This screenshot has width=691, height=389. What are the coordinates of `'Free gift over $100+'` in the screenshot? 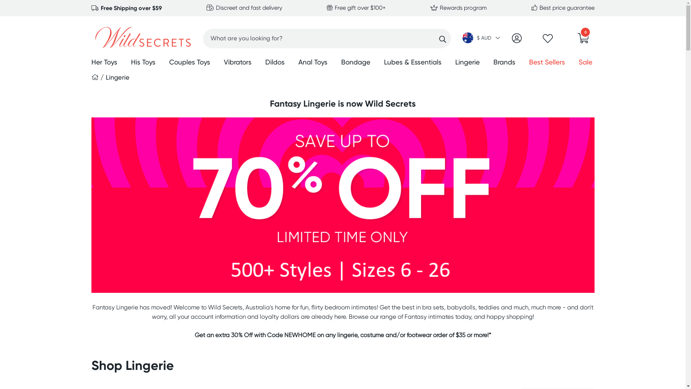 It's located at (326, 8).